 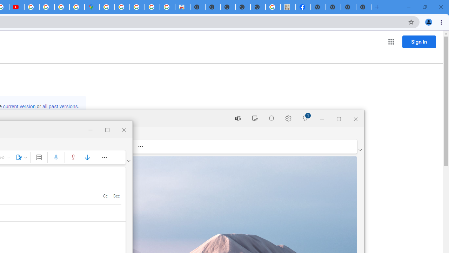 I want to click on 'More options', so click(x=104, y=157).